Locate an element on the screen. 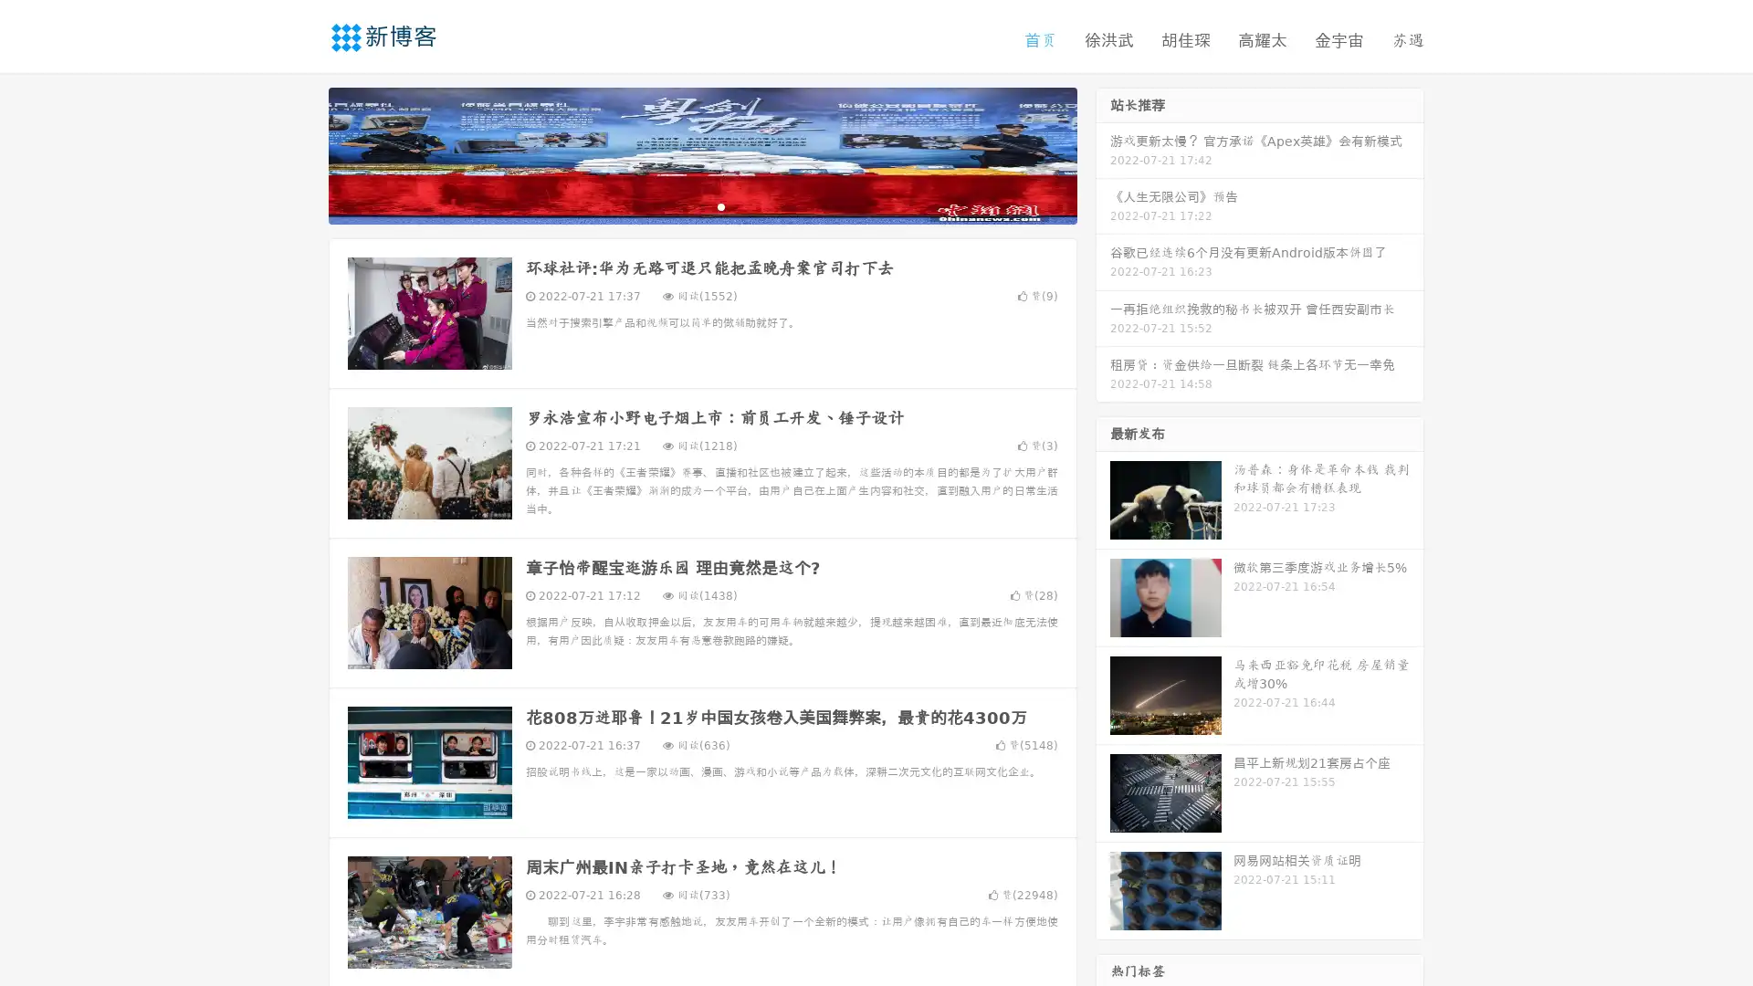  Go to slide 3 is located at coordinates (720, 205).